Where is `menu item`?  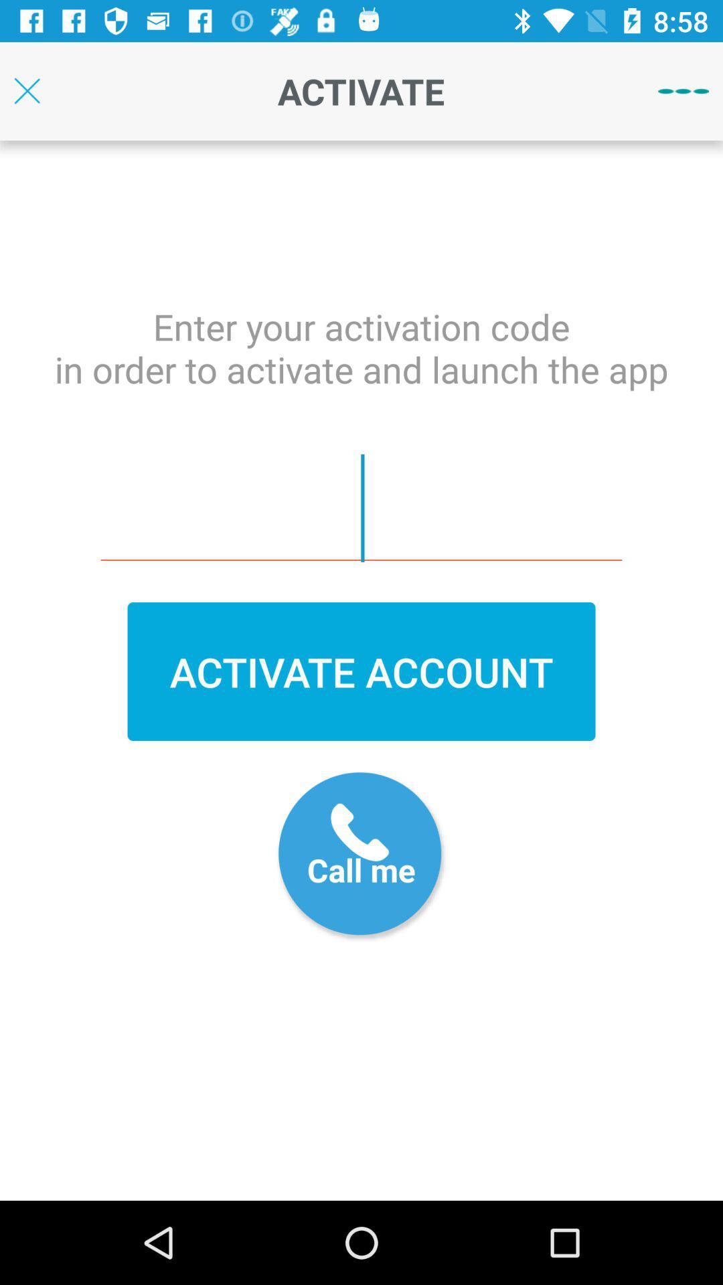
menu item is located at coordinates (684, 90).